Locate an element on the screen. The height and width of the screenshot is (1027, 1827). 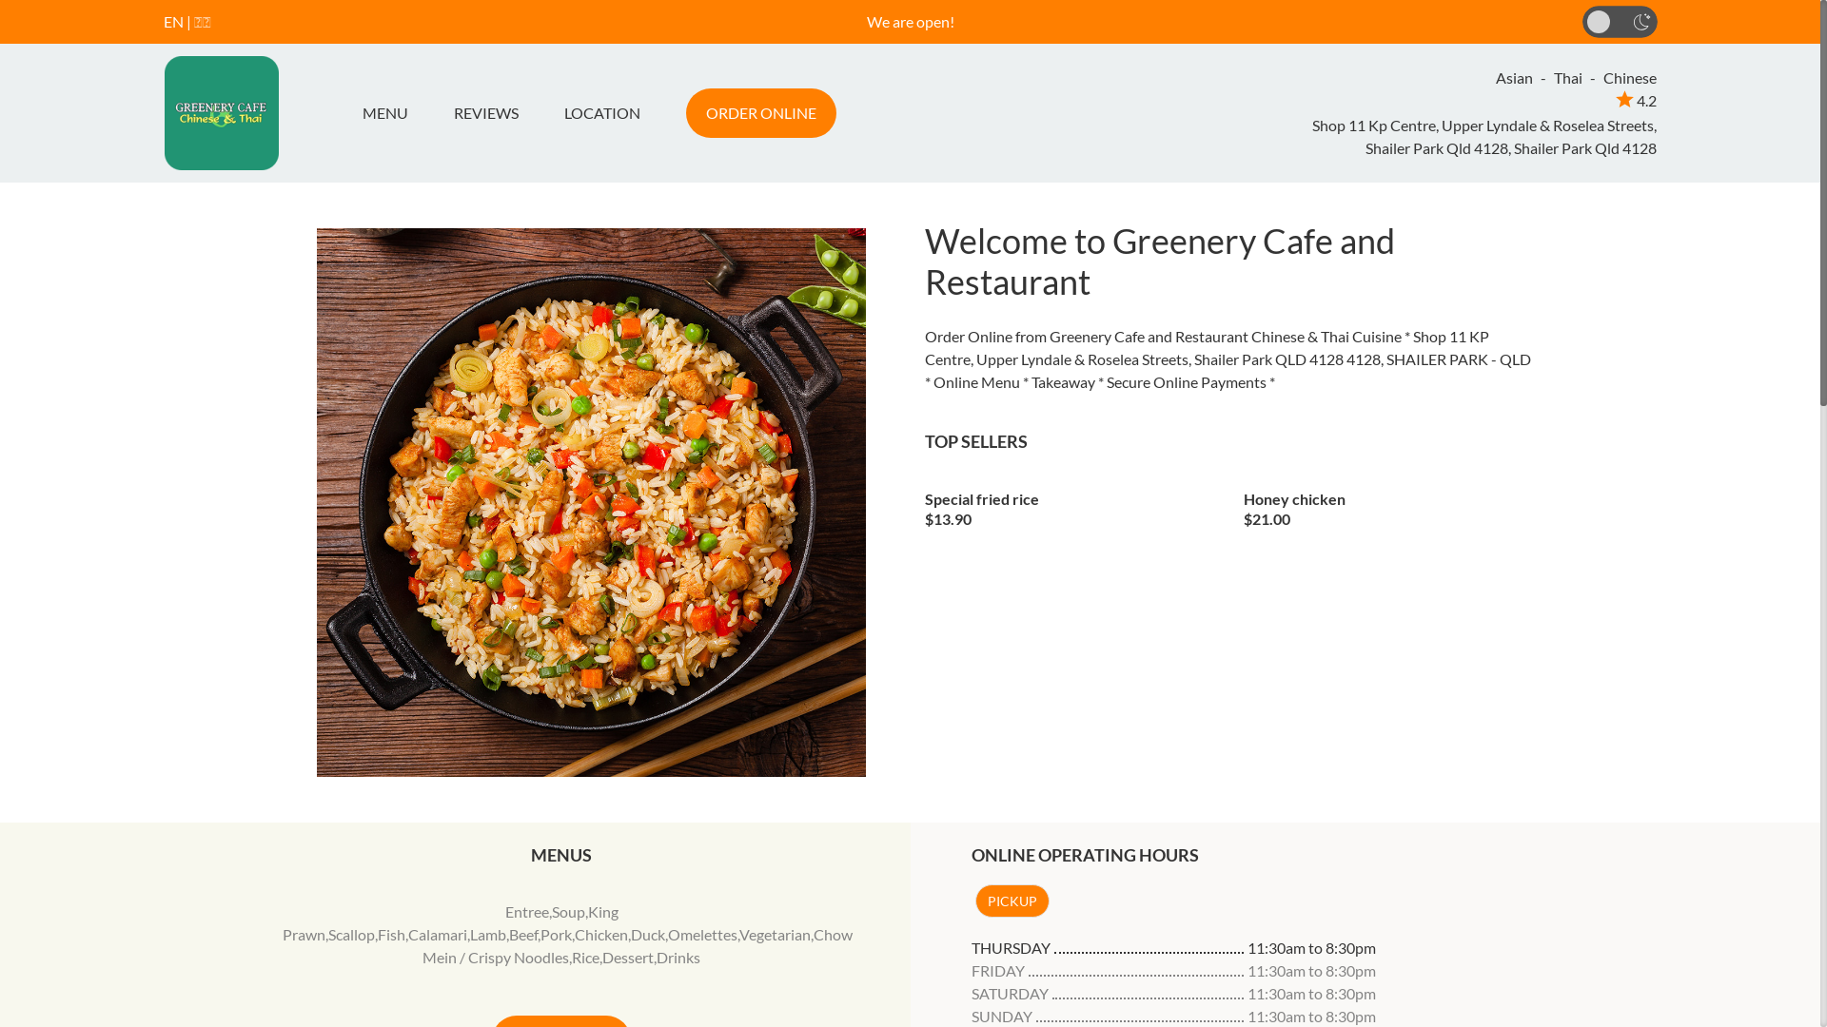
'Beef' is located at coordinates (523, 933).